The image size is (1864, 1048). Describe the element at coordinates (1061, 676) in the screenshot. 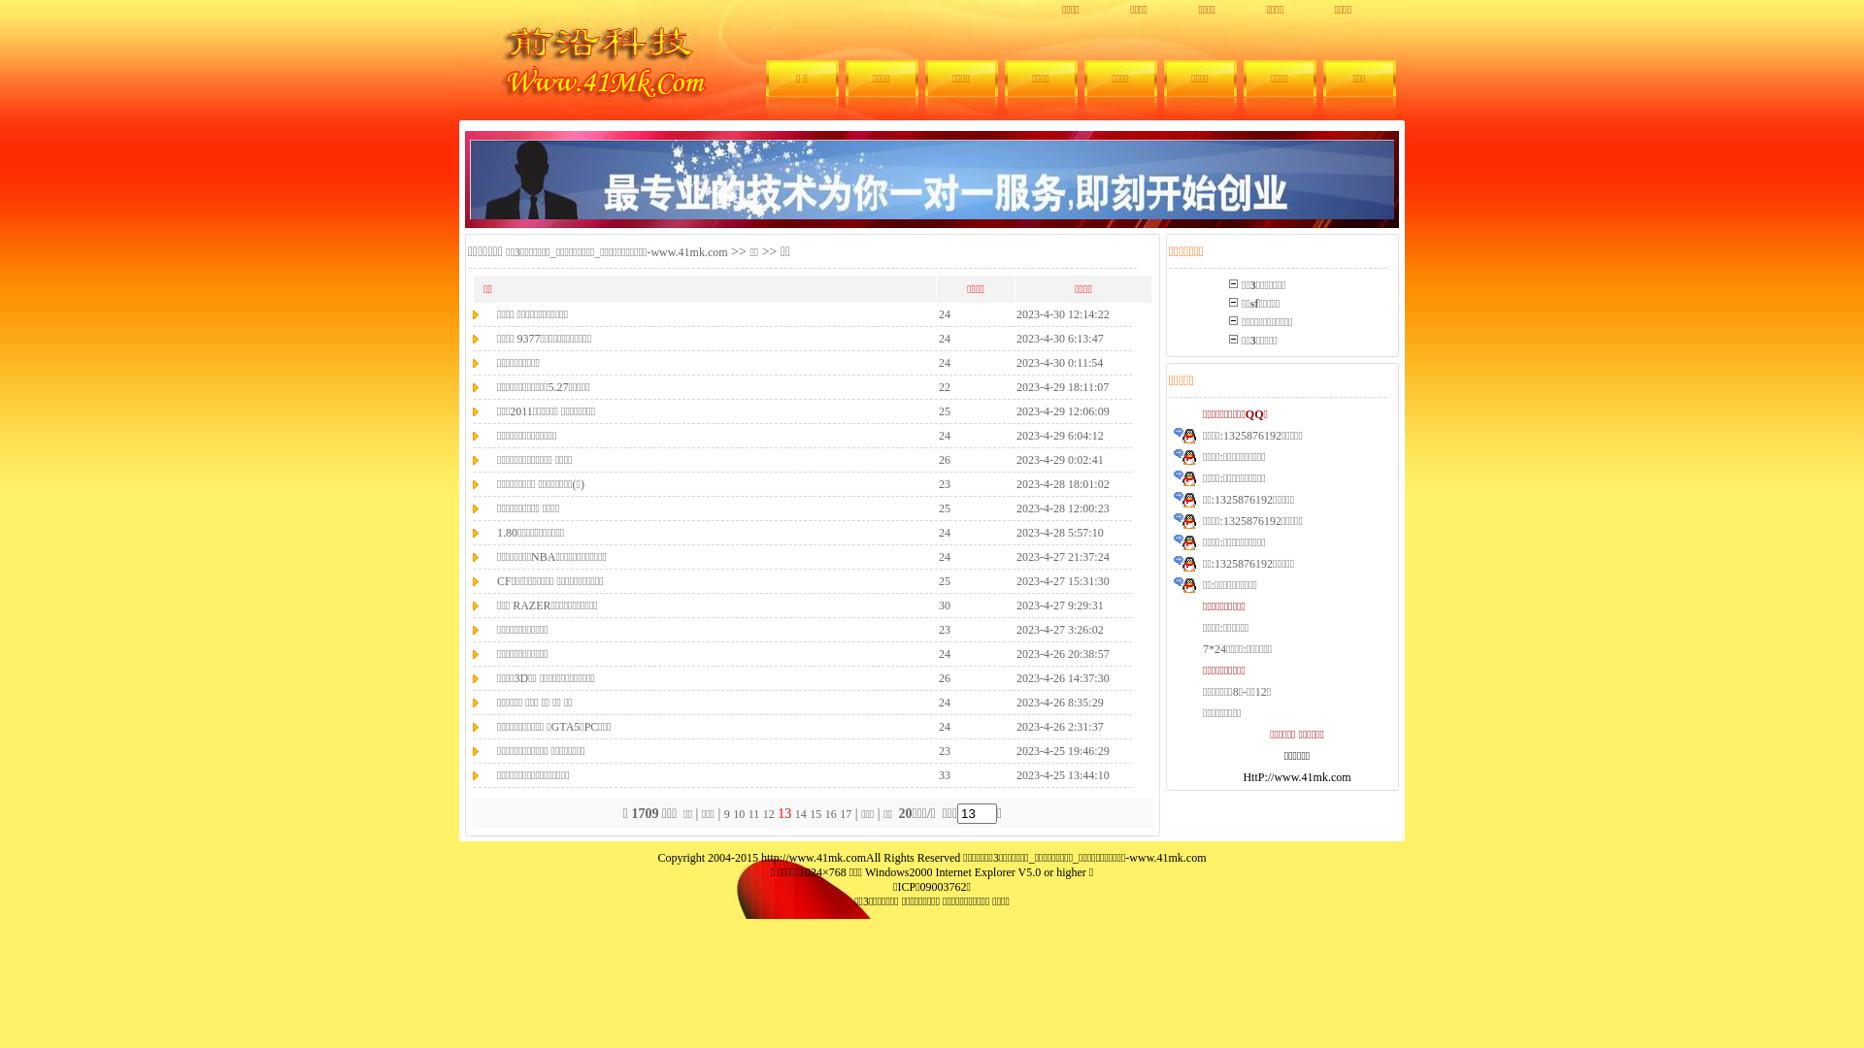

I see `'2023-4-26 14:37:30'` at that location.